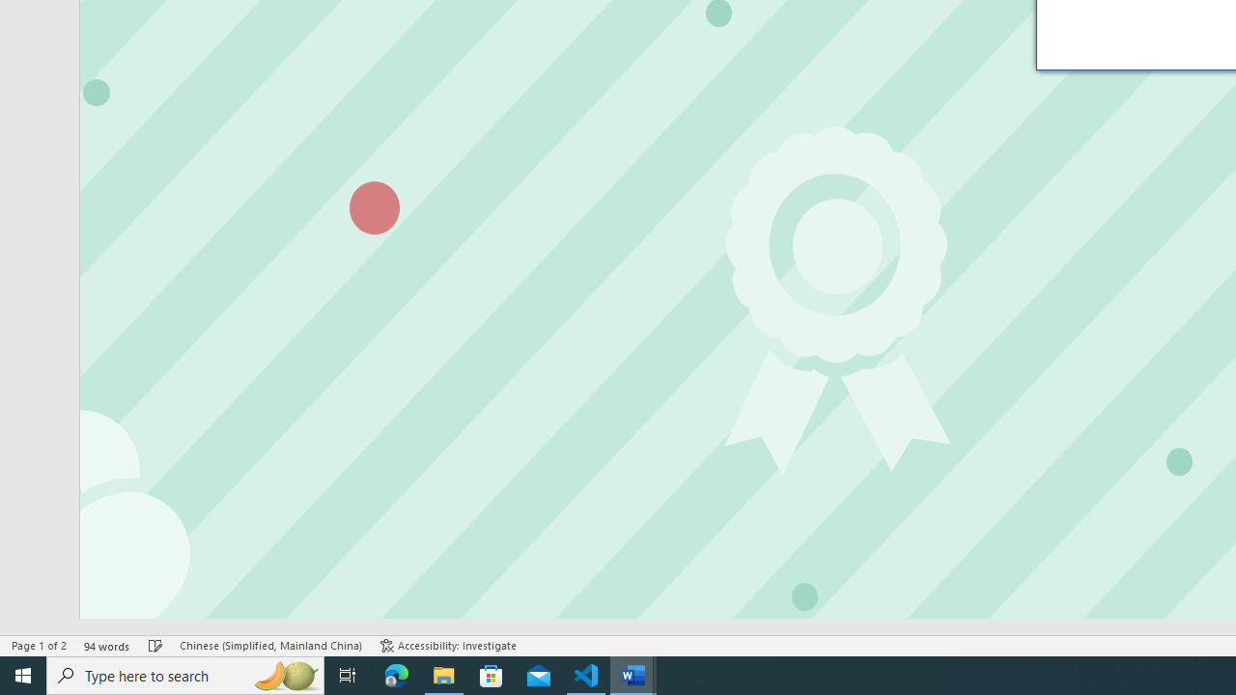 The width and height of the screenshot is (1236, 695). What do you see at coordinates (39, 646) in the screenshot?
I see `'Page Number Page 1 of 2'` at bounding box center [39, 646].